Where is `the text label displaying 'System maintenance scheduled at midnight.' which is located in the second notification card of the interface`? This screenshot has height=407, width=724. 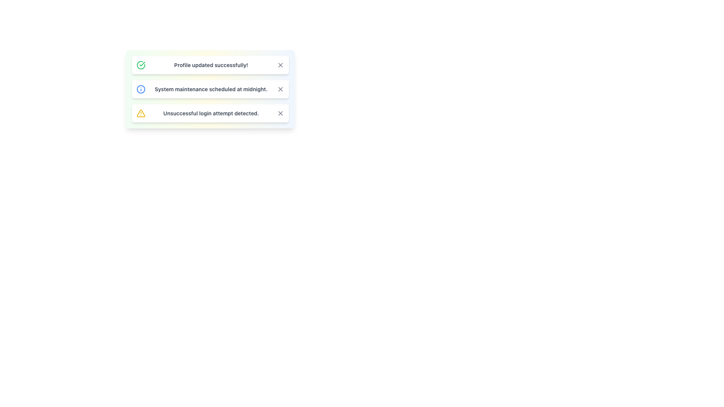
the text label displaying 'System maintenance scheduled at midnight.' which is located in the second notification card of the interface is located at coordinates (211, 89).